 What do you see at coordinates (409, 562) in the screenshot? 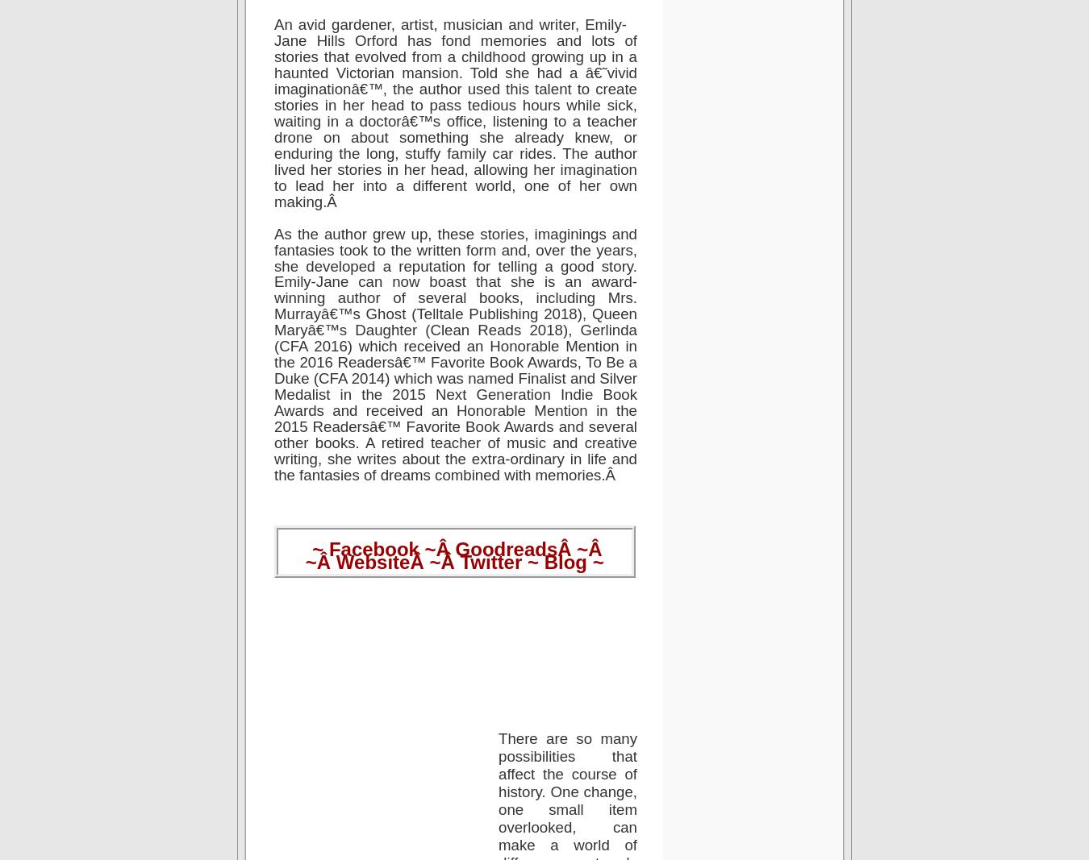
I see `'Â ~Â'` at bounding box center [409, 562].